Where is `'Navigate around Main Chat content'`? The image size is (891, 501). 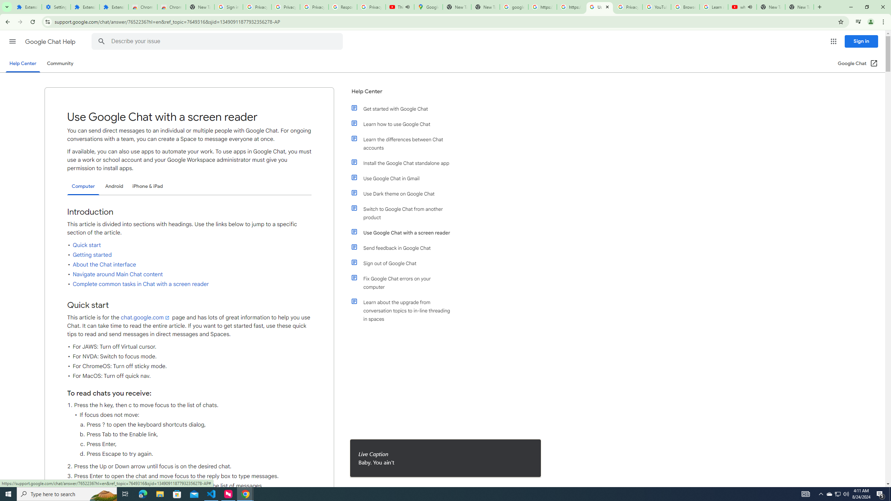 'Navigate around Main Chat content' is located at coordinates (118, 274).